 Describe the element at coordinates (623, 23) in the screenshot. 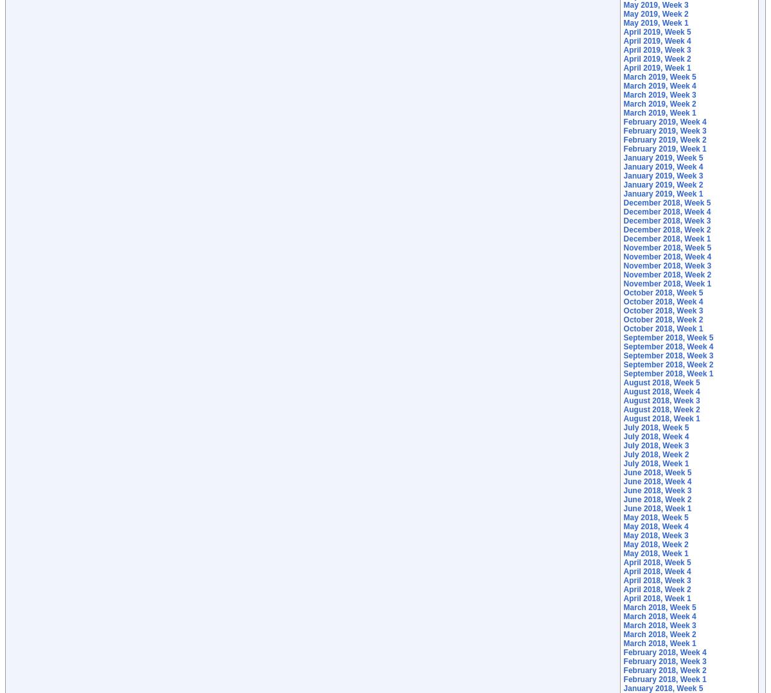

I see `'May 2019, Week 1'` at that location.